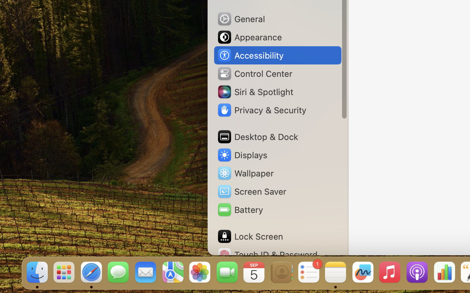  Describe the element at coordinates (244, 173) in the screenshot. I see `'Wallpaper'` at that location.